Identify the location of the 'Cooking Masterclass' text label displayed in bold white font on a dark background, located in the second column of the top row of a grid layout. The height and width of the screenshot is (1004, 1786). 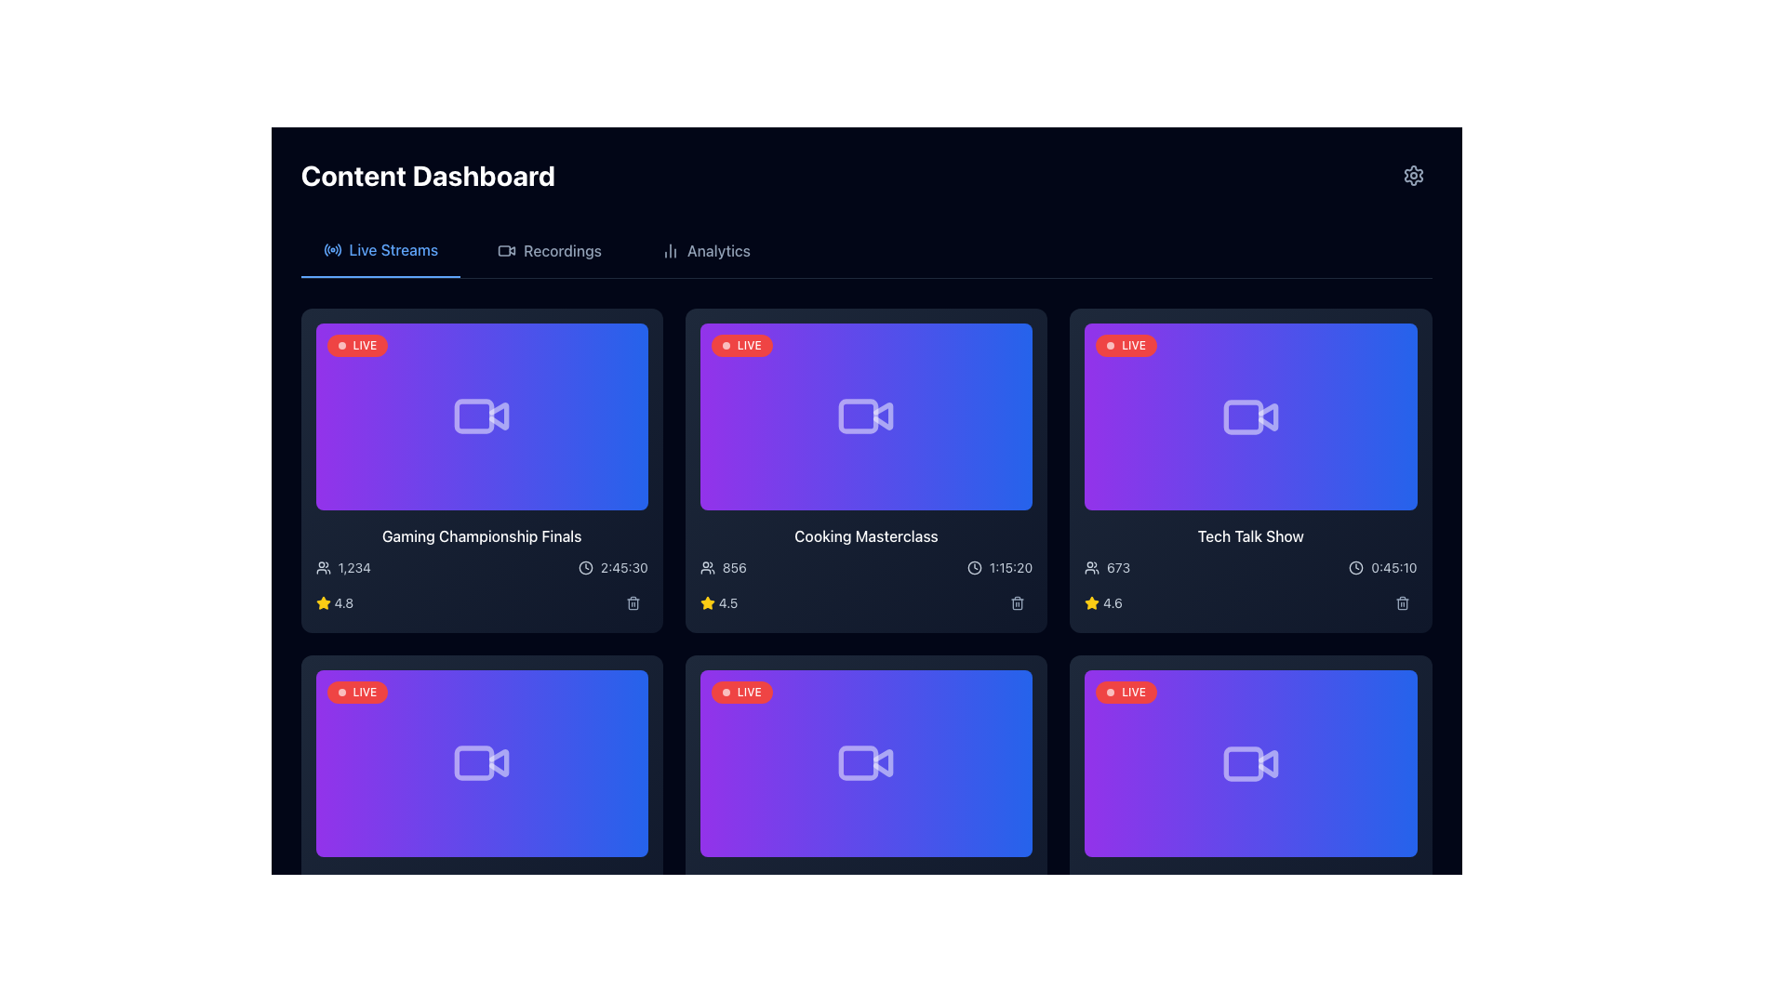
(865, 535).